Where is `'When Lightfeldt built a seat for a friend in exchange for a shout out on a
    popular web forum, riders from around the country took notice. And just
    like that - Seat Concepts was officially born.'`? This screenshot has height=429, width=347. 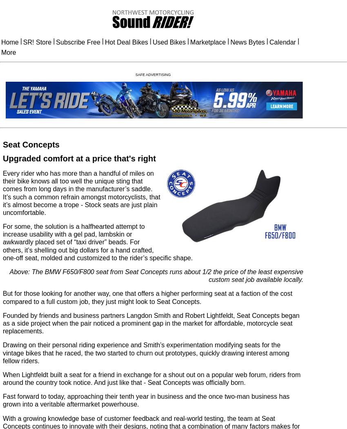 'When Lightfeldt built a seat for a friend in exchange for a shout out on a
    popular web forum, riders from around the country took notice. And just
    like that - Seat Concepts was officially born.' is located at coordinates (151, 378).